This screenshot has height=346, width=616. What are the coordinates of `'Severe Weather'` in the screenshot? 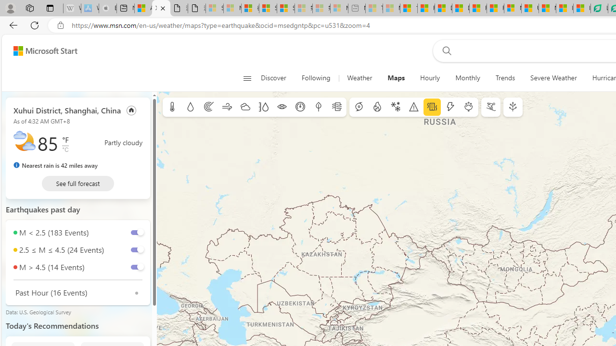 It's located at (553, 78).